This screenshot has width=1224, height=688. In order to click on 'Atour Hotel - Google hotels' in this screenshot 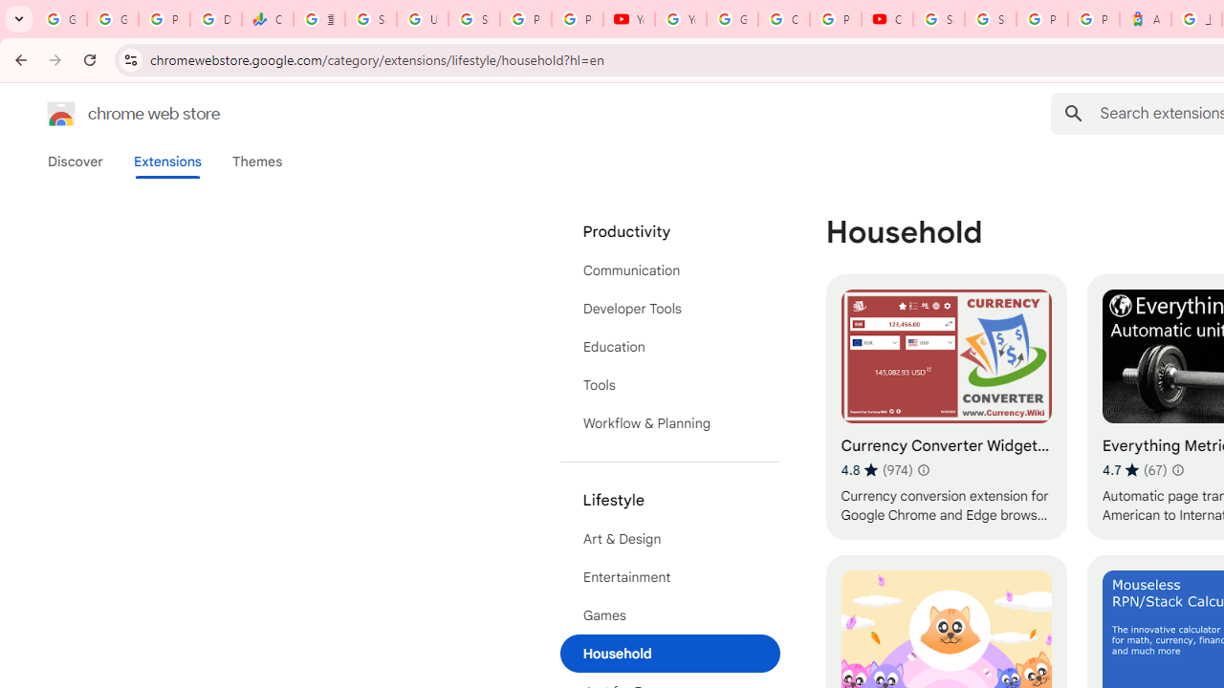, I will do `click(1146, 19)`.